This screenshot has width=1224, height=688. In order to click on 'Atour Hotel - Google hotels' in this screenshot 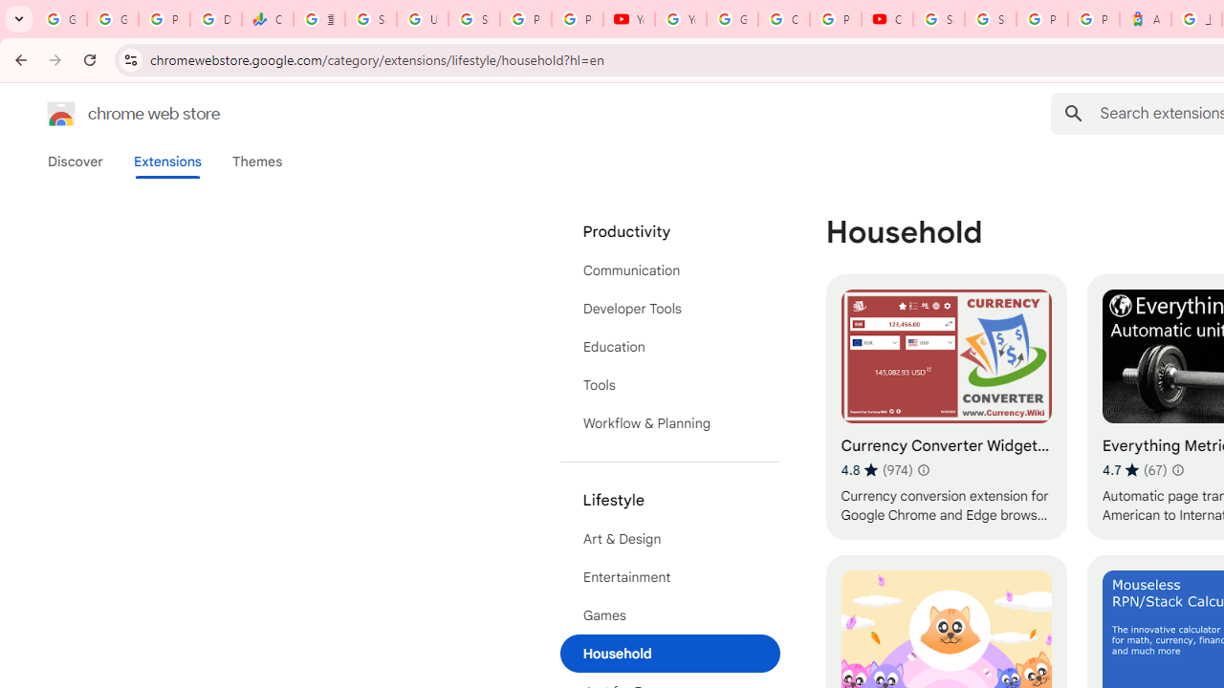, I will do `click(1146, 19)`.